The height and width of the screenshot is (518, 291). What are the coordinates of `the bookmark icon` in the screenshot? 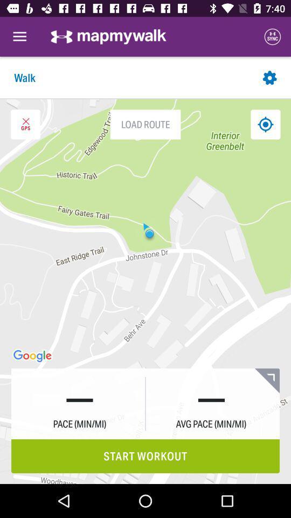 It's located at (266, 380).